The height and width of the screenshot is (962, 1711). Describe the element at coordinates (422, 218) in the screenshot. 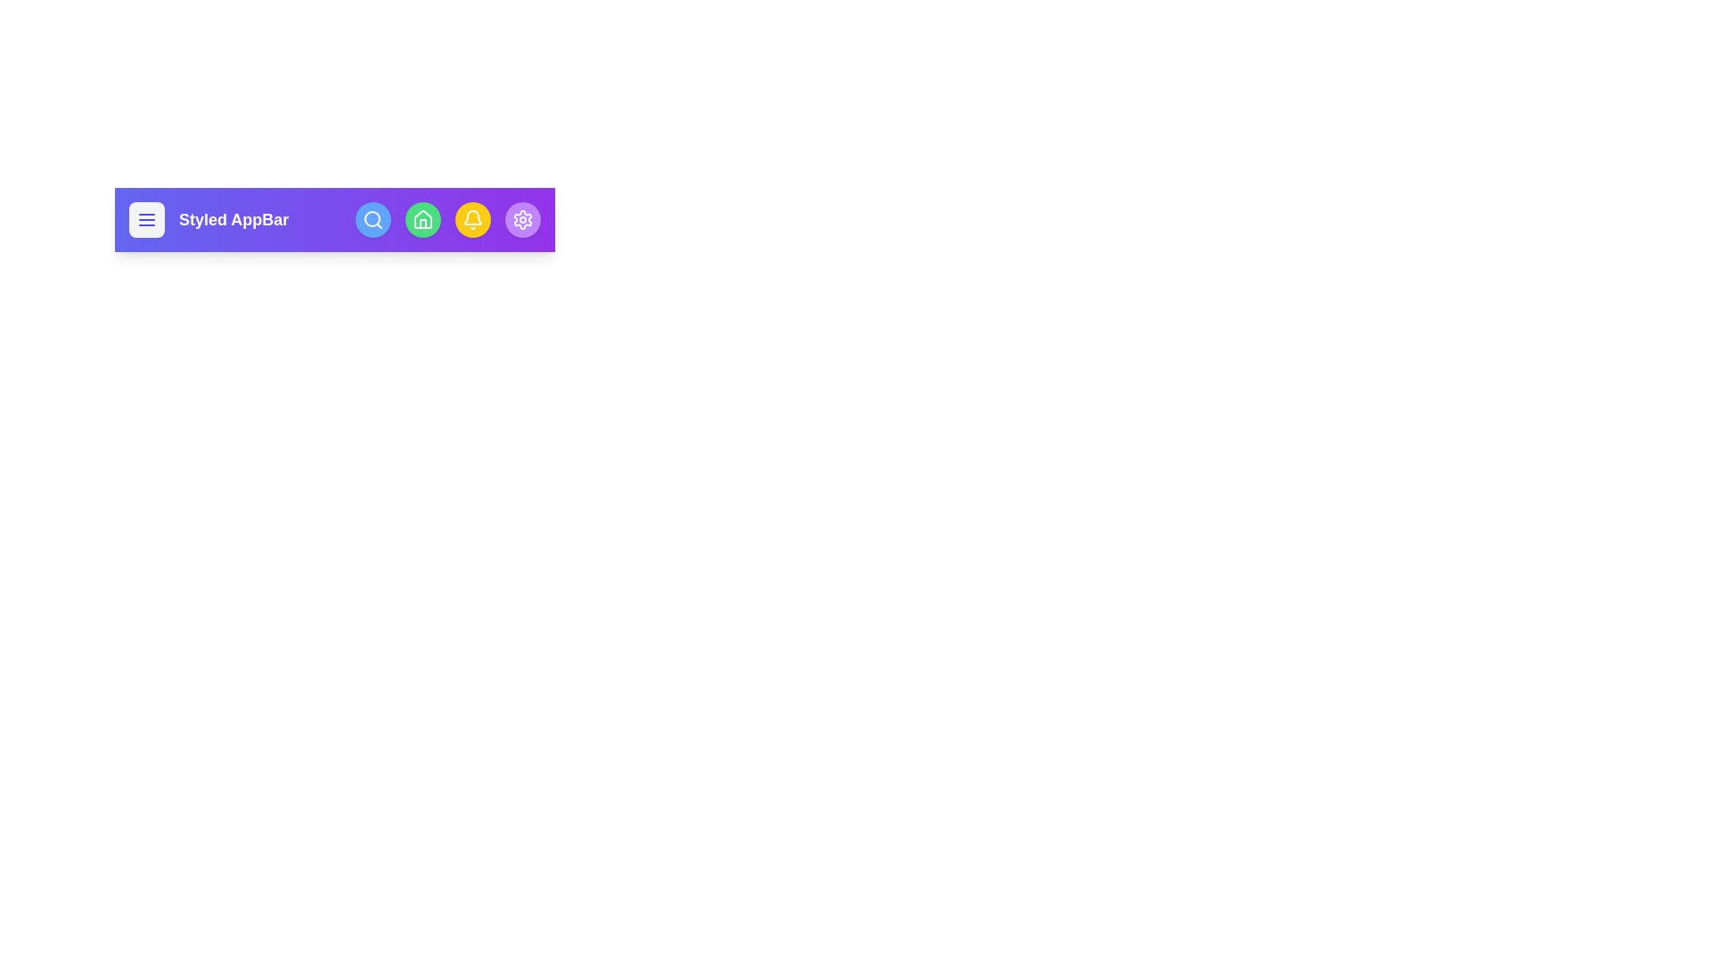

I see `the icon home to observe its hover effect` at that location.